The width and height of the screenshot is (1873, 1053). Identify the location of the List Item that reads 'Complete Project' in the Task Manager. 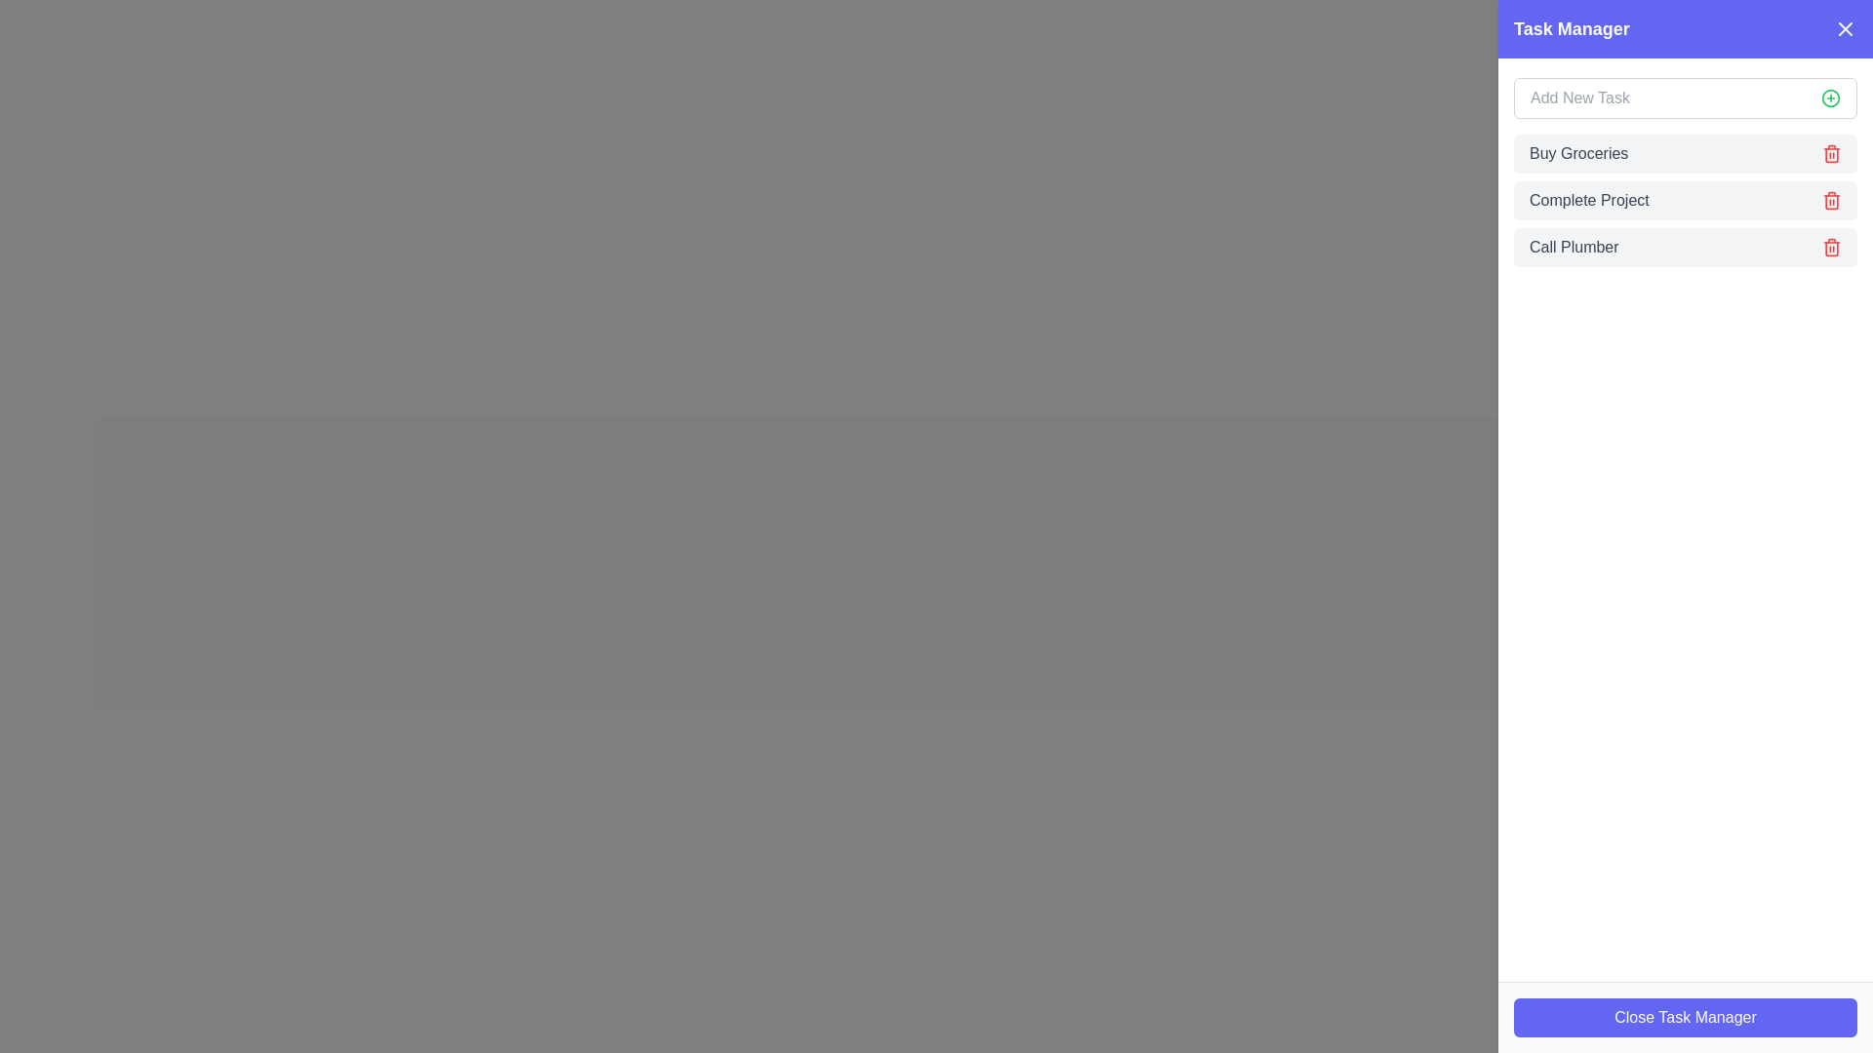
(1685, 200).